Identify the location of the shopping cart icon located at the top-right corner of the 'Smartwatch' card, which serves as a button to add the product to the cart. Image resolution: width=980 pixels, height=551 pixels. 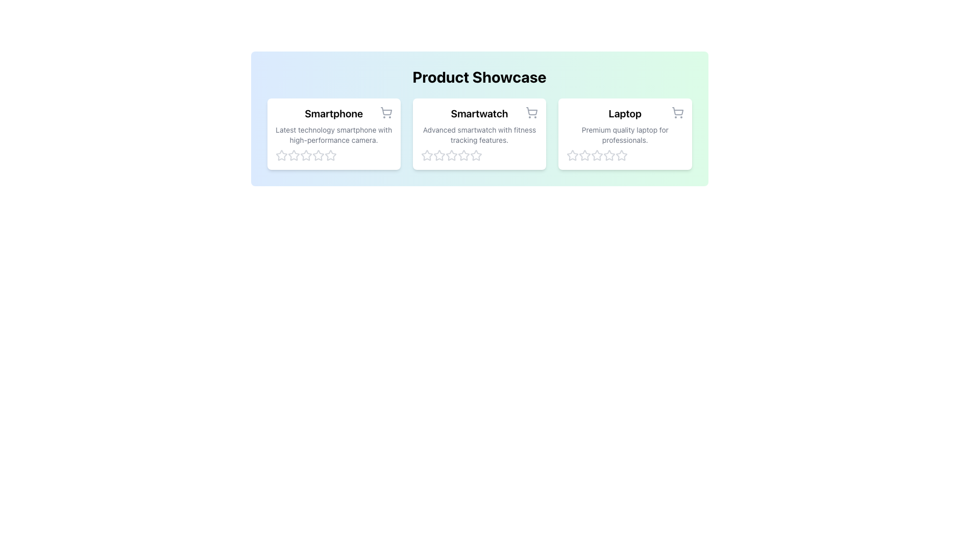
(531, 111).